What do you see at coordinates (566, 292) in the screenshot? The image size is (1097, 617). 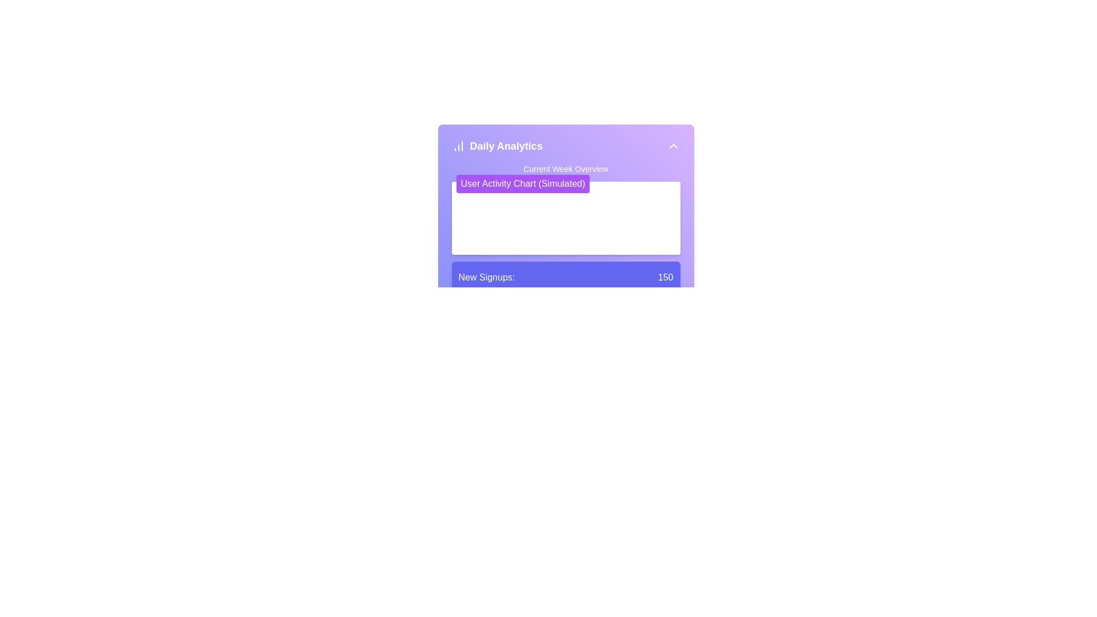 I see `the informational panel displaying analytics data for the current week` at bounding box center [566, 292].